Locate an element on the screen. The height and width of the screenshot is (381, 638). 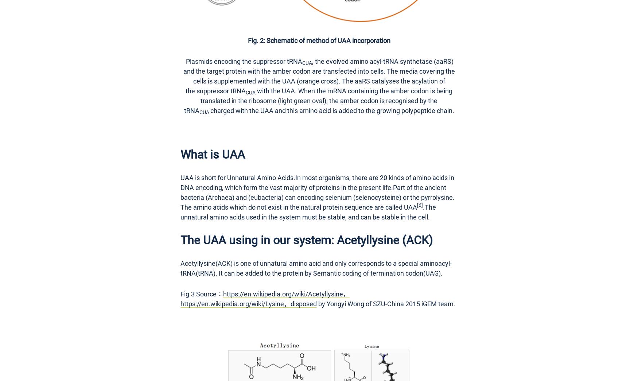
'Fig.3 Source：' is located at coordinates (201, 293).